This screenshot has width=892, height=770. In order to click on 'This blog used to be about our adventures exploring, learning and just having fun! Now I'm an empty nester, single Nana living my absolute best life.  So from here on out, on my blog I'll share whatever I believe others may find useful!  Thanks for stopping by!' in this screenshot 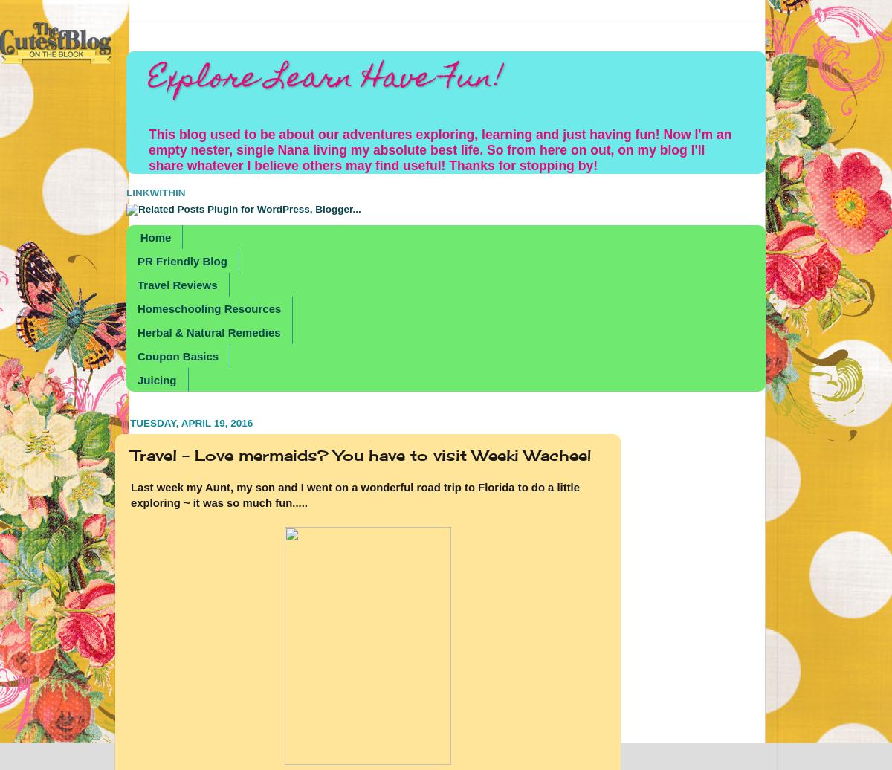, I will do `click(439, 150)`.